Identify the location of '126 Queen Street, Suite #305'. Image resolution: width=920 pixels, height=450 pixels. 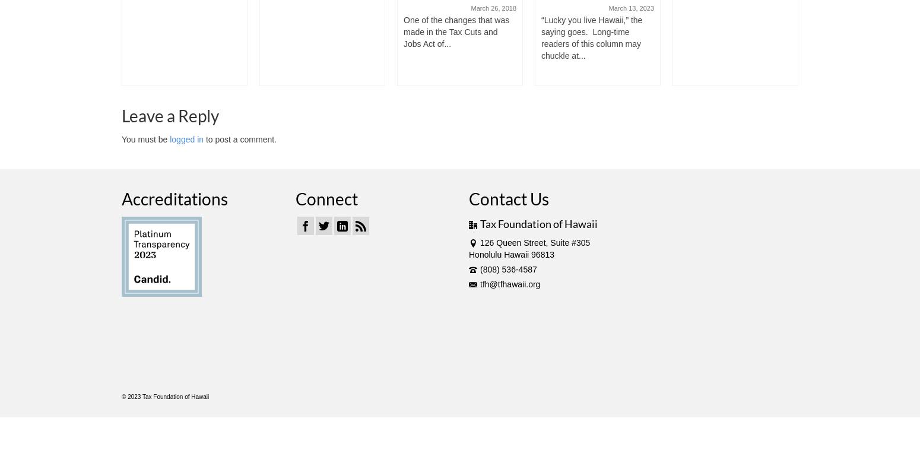
(535, 242).